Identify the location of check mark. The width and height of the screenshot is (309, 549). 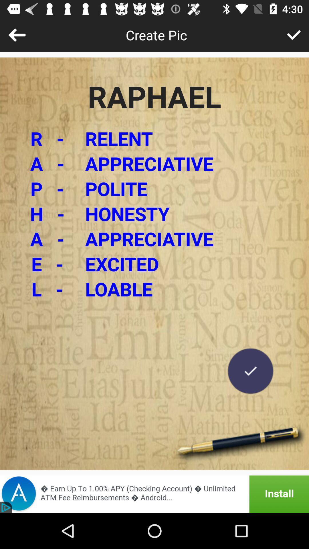
(250, 371).